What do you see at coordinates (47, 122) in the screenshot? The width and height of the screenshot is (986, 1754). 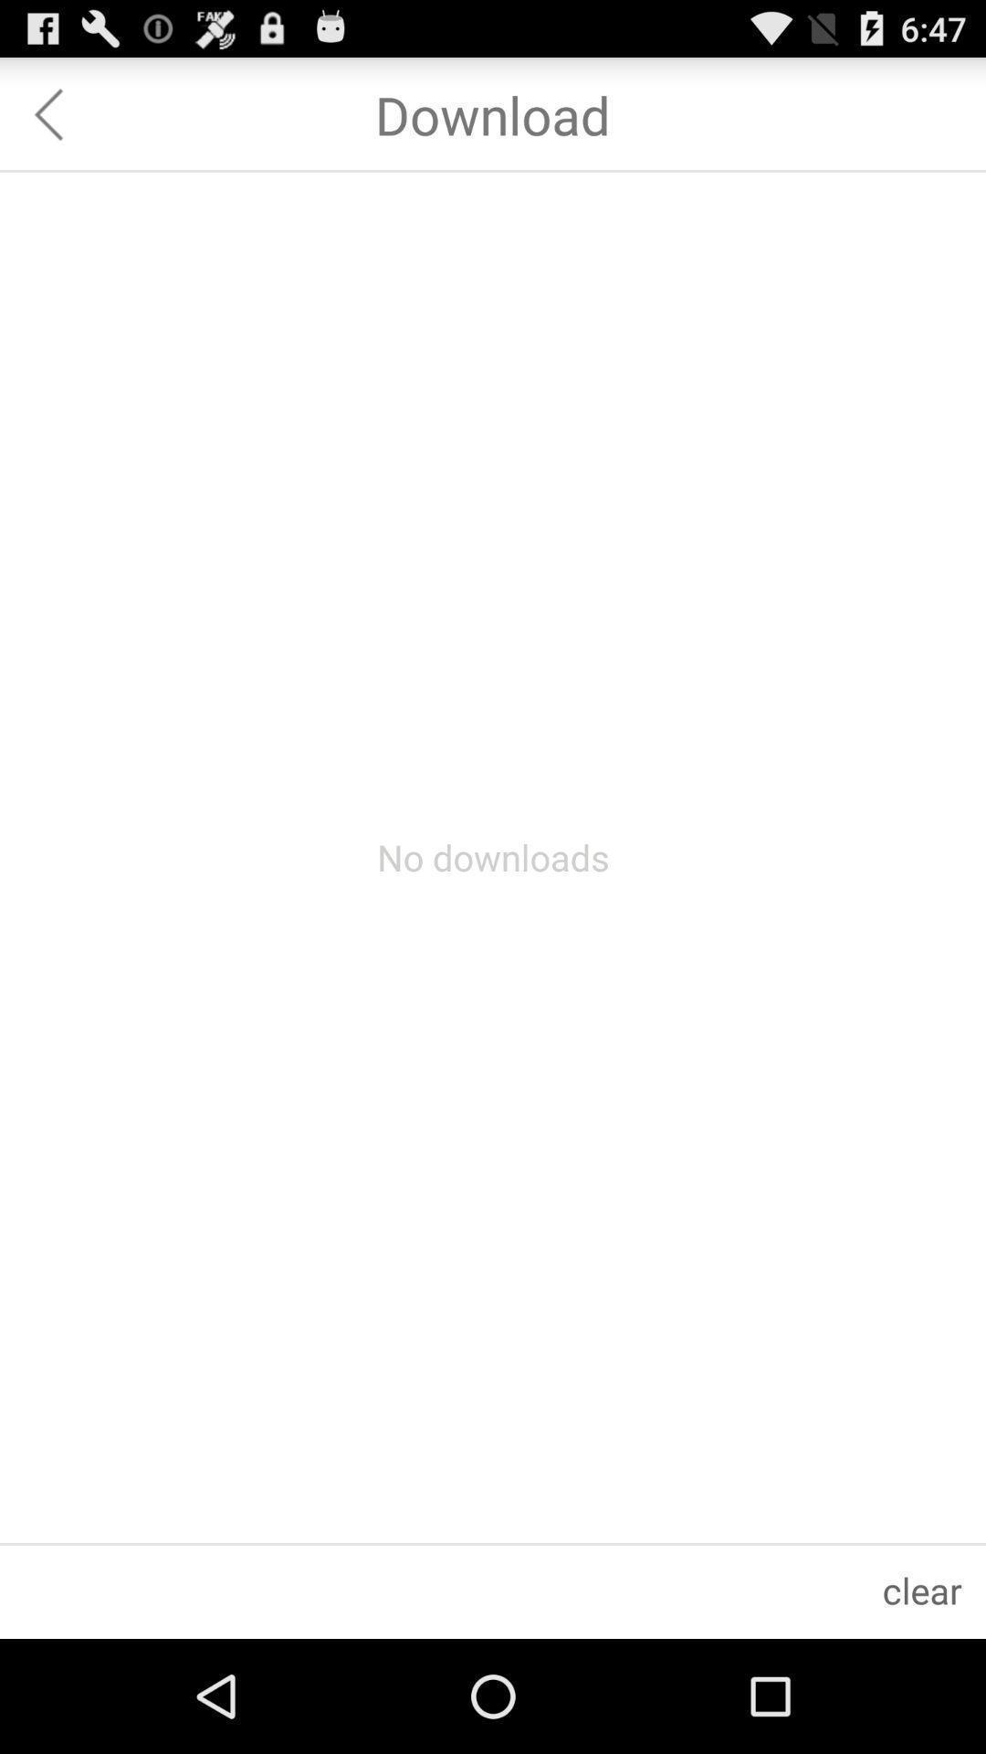 I see `the arrow_backward icon` at bounding box center [47, 122].